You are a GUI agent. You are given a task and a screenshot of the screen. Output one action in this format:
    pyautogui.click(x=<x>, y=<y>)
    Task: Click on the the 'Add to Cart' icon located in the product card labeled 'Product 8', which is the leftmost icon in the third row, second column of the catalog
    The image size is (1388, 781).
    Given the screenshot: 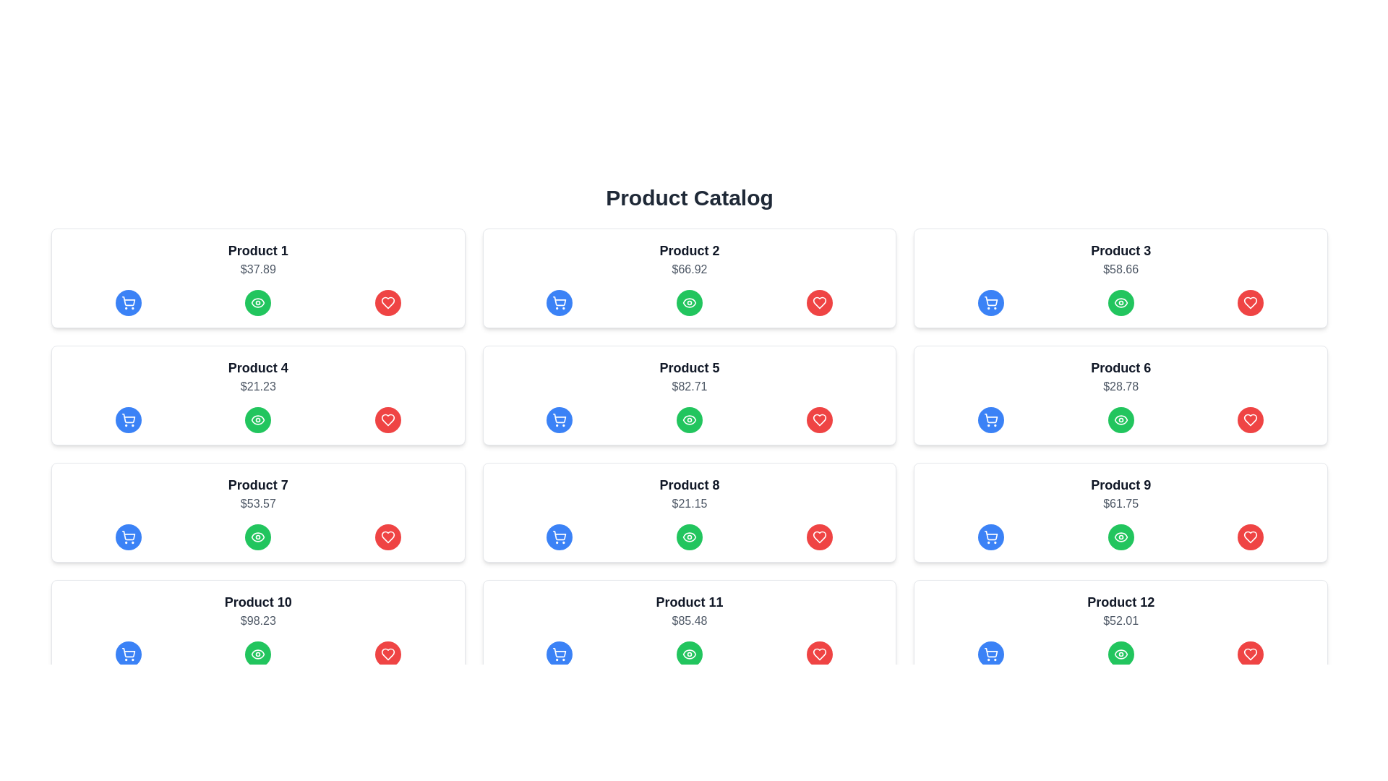 What is the action you would take?
    pyautogui.click(x=559, y=535)
    